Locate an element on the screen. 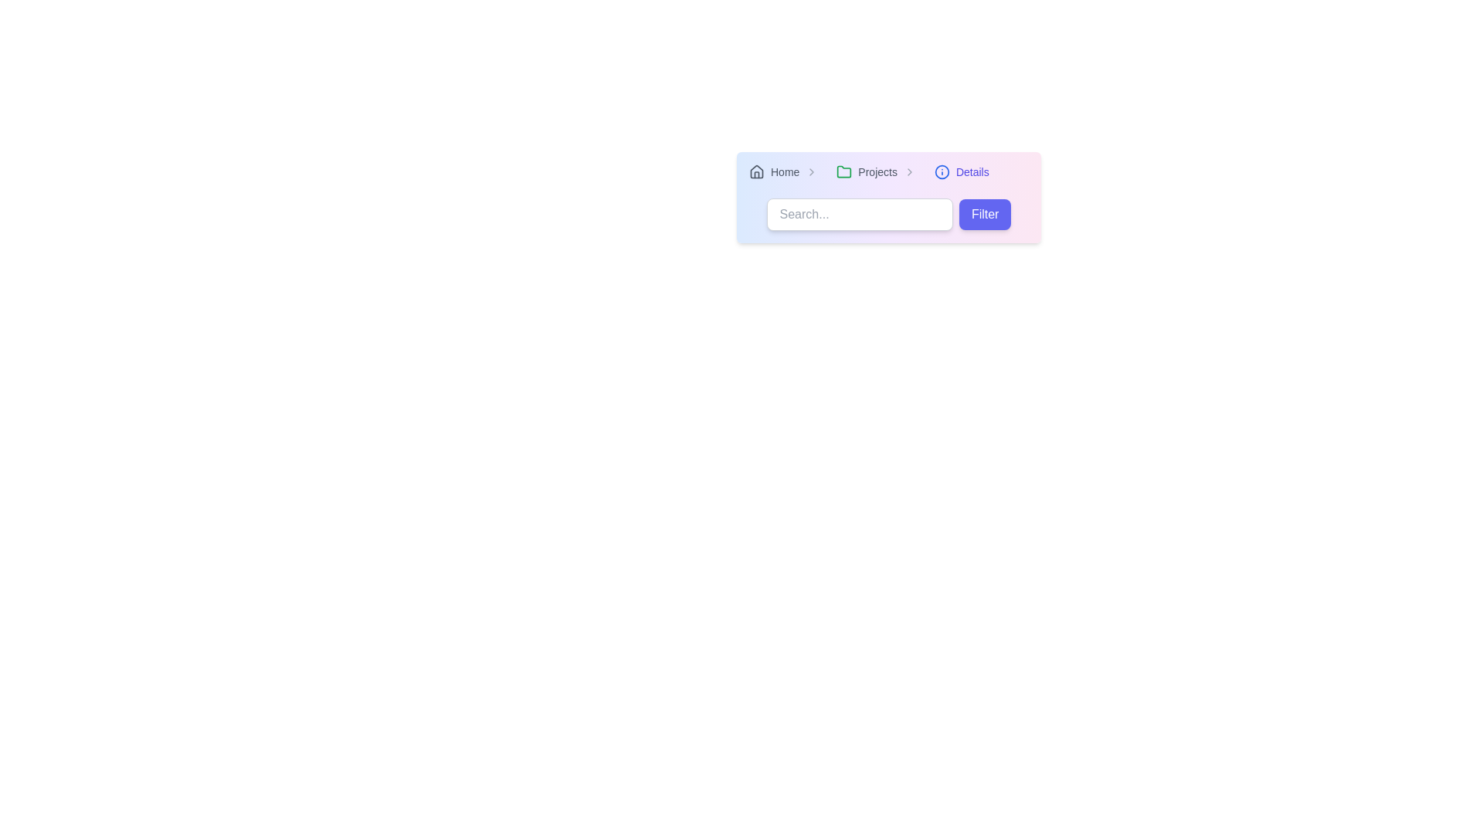 The width and height of the screenshot is (1483, 834). the breadcrumb hyperlink that navigates to the 'Projects' section, located in the top center of the interface, between 'Home' and 'Details' is located at coordinates (867, 172).